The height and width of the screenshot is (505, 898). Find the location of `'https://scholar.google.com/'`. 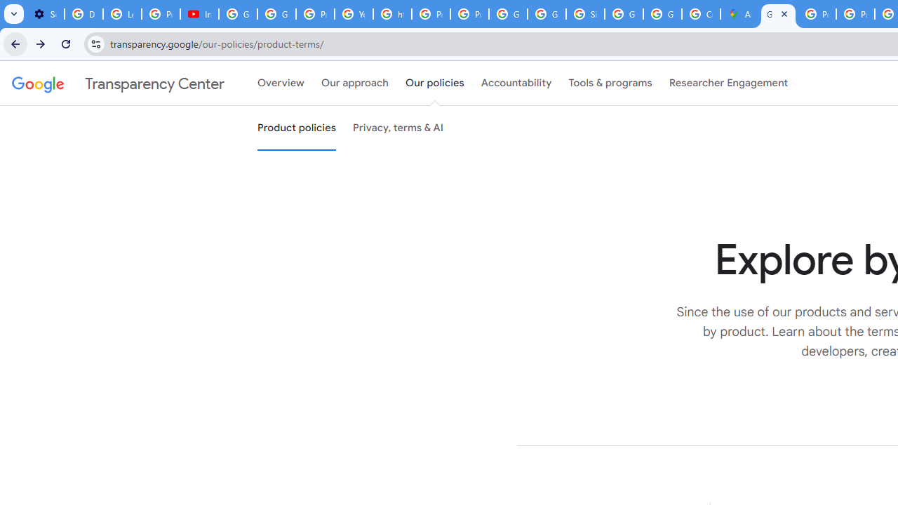

'https://scholar.google.com/' is located at coordinates (393, 14).